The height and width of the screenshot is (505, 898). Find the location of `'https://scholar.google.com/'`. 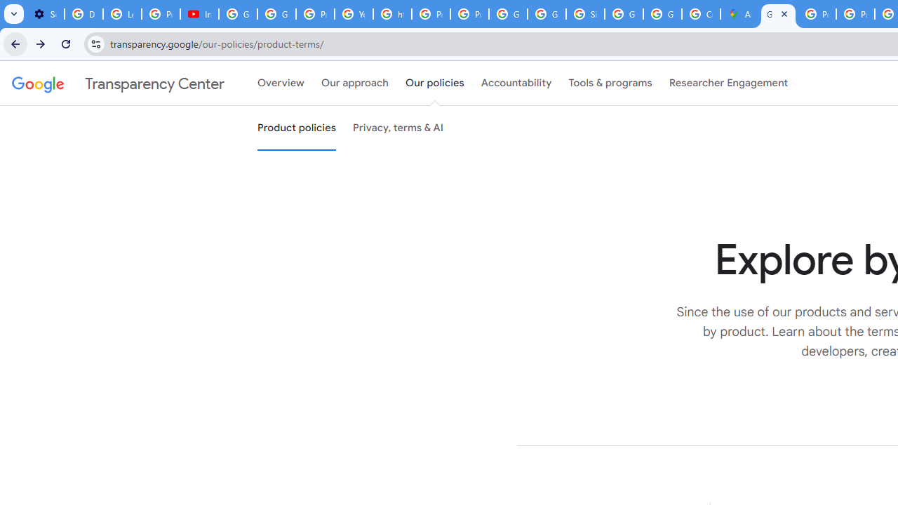

'https://scholar.google.com/' is located at coordinates (393, 14).